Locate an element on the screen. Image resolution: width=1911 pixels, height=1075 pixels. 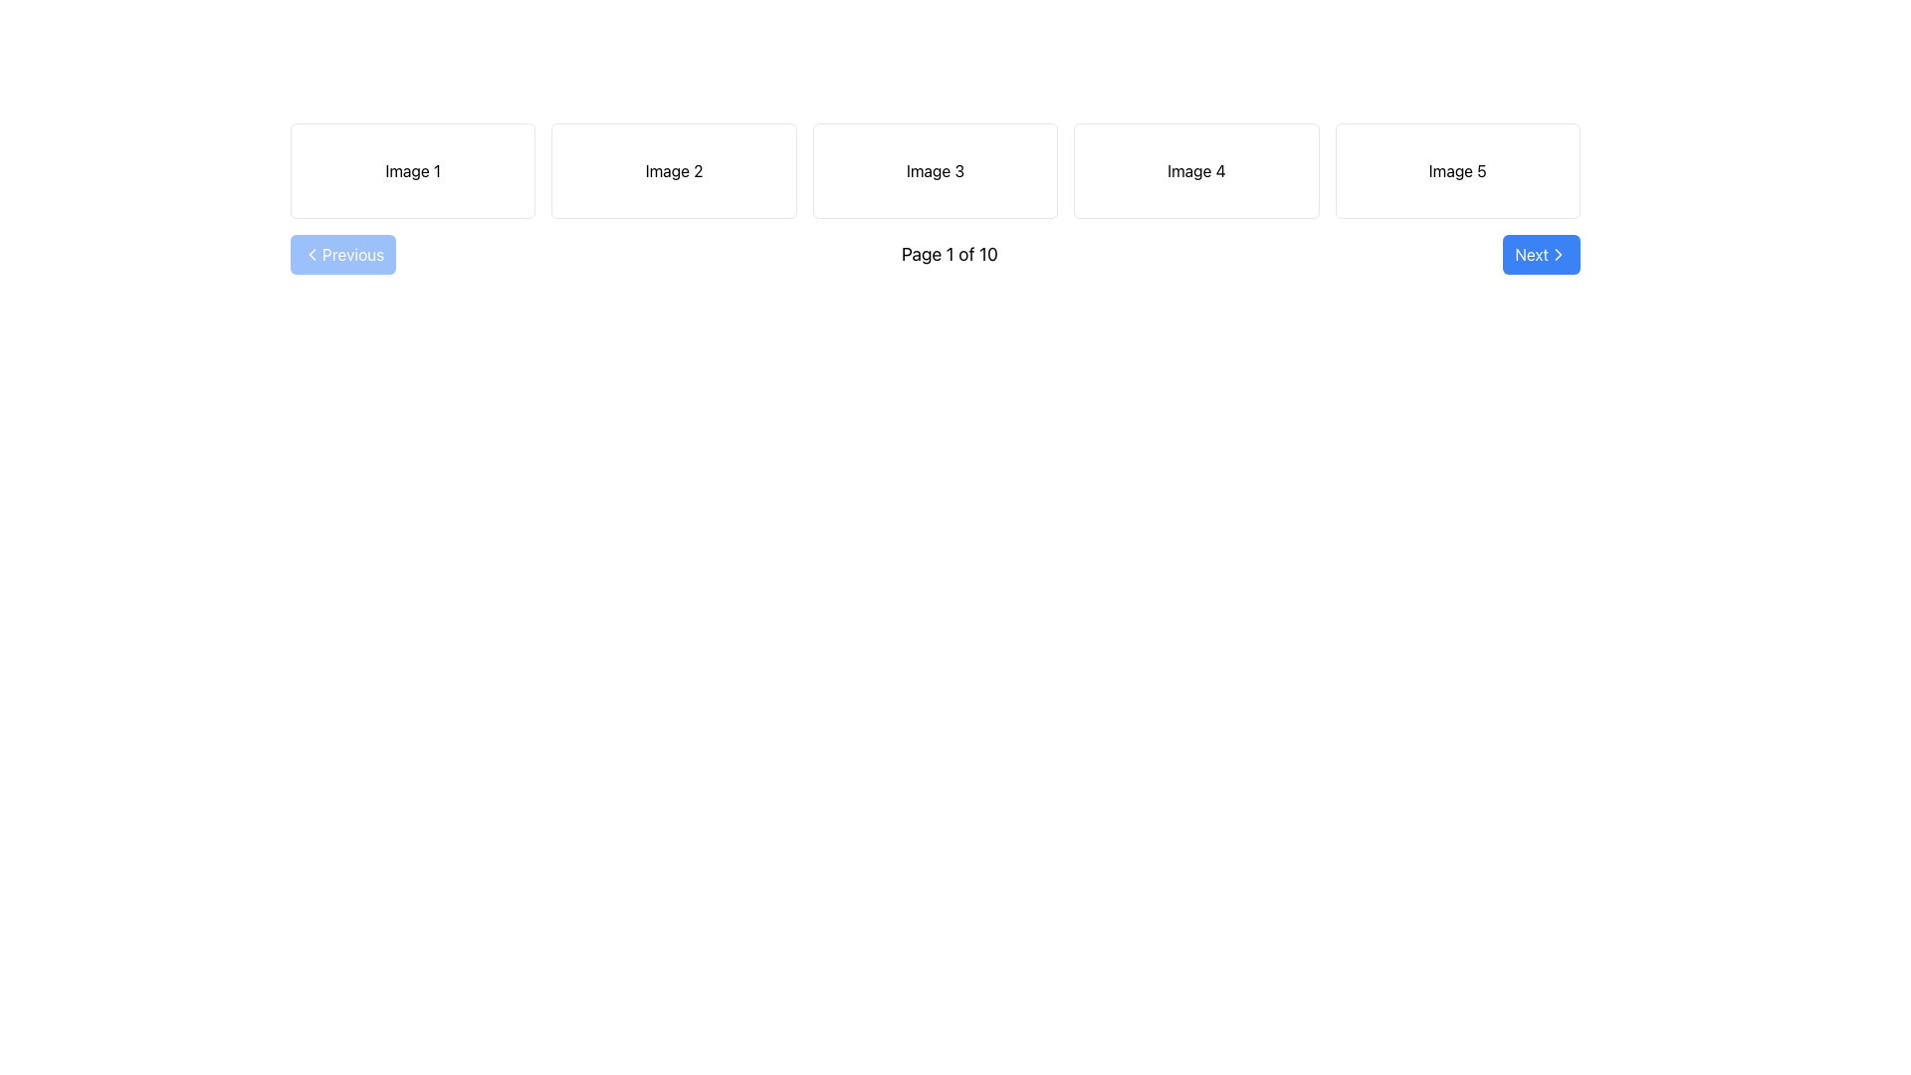
the right-facing chevron icon within the blue 'Next' button at the bottom right of the interface is located at coordinates (1557, 253).